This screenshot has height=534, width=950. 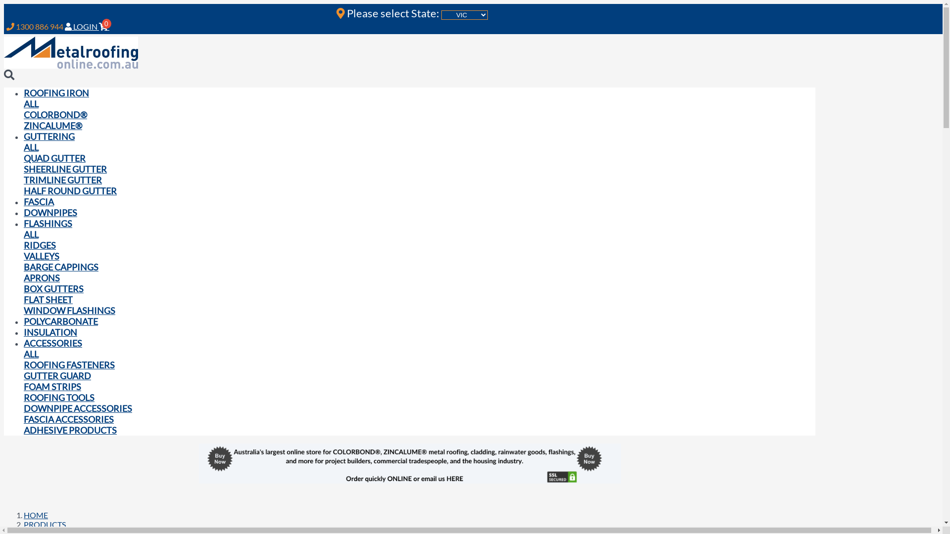 I want to click on 'RIDGES', so click(x=24, y=245).